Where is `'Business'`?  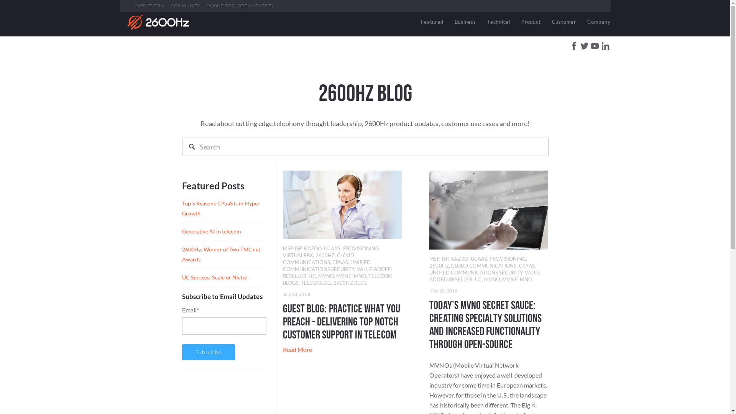 'Business' is located at coordinates (465, 22).